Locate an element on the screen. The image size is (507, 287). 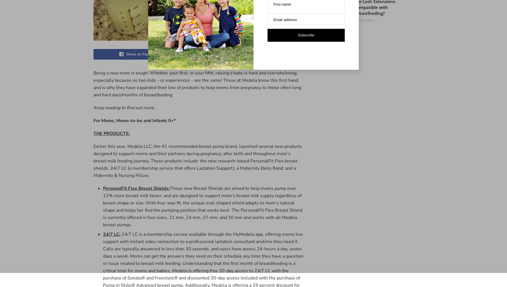
'Keep reading to find out more…' is located at coordinates (125, 107).